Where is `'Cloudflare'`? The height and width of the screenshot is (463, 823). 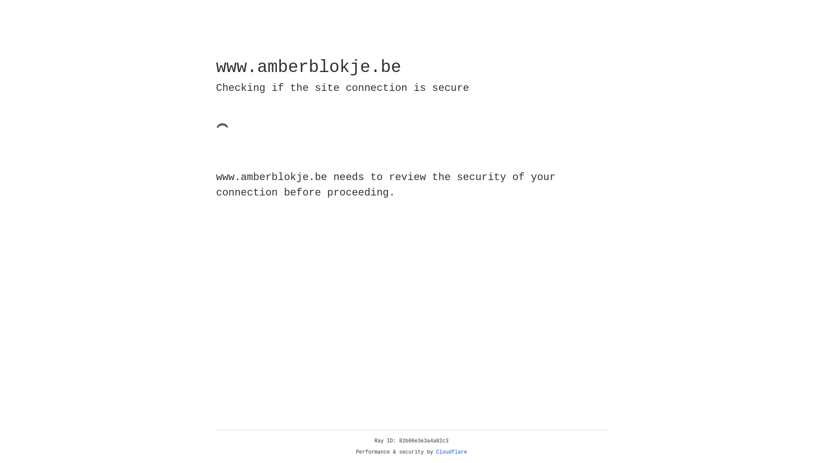
'Cloudflare' is located at coordinates (451, 452).